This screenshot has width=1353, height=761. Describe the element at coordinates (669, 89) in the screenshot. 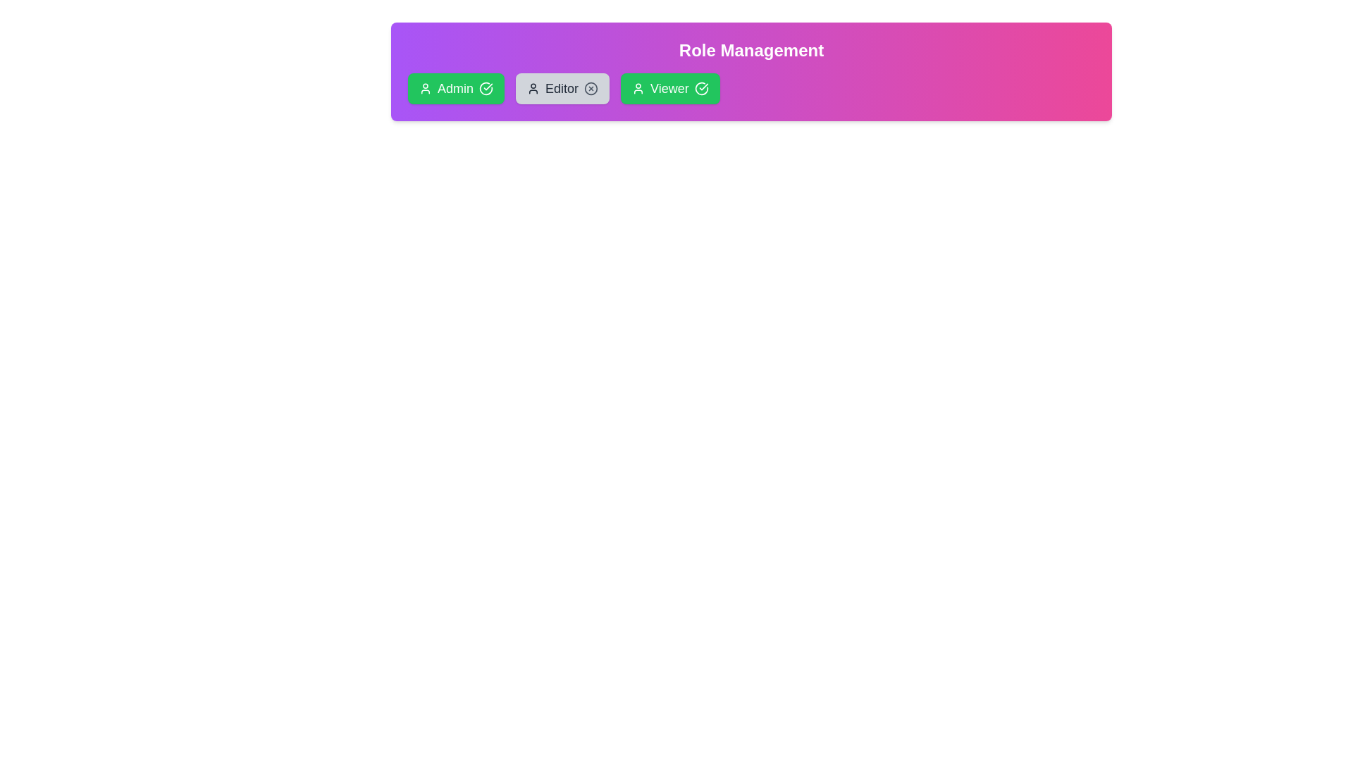

I see `the role Viewer by clicking on its card` at that location.